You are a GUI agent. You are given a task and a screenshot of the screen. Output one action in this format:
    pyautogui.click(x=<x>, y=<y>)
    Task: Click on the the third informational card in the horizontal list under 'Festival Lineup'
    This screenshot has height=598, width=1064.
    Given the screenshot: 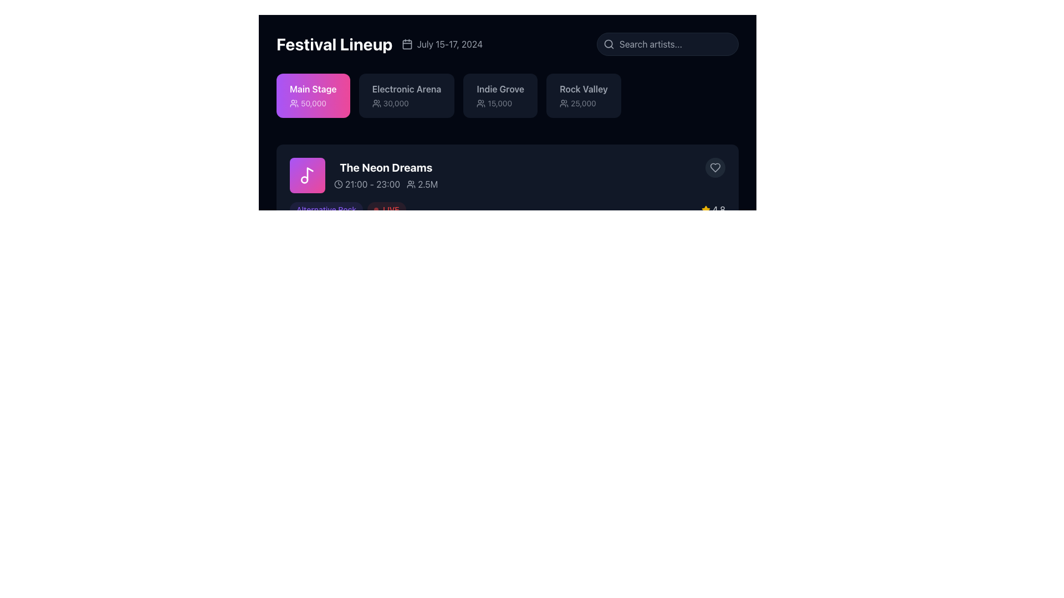 What is the action you would take?
    pyautogui.click(x=507, y=100)
    